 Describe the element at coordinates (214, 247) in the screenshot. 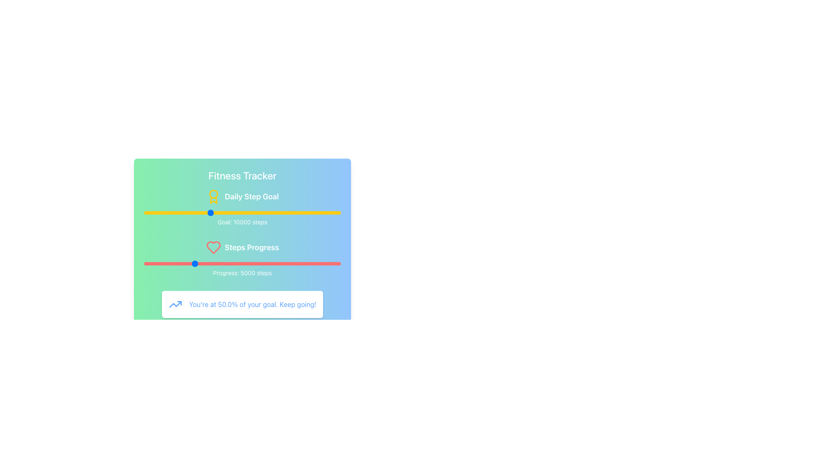

I see `the red outlined heart icon located in the 'Steps Progress' section, which is aligned with the red progress bar below the 'Steps Progress' text label` at that location.